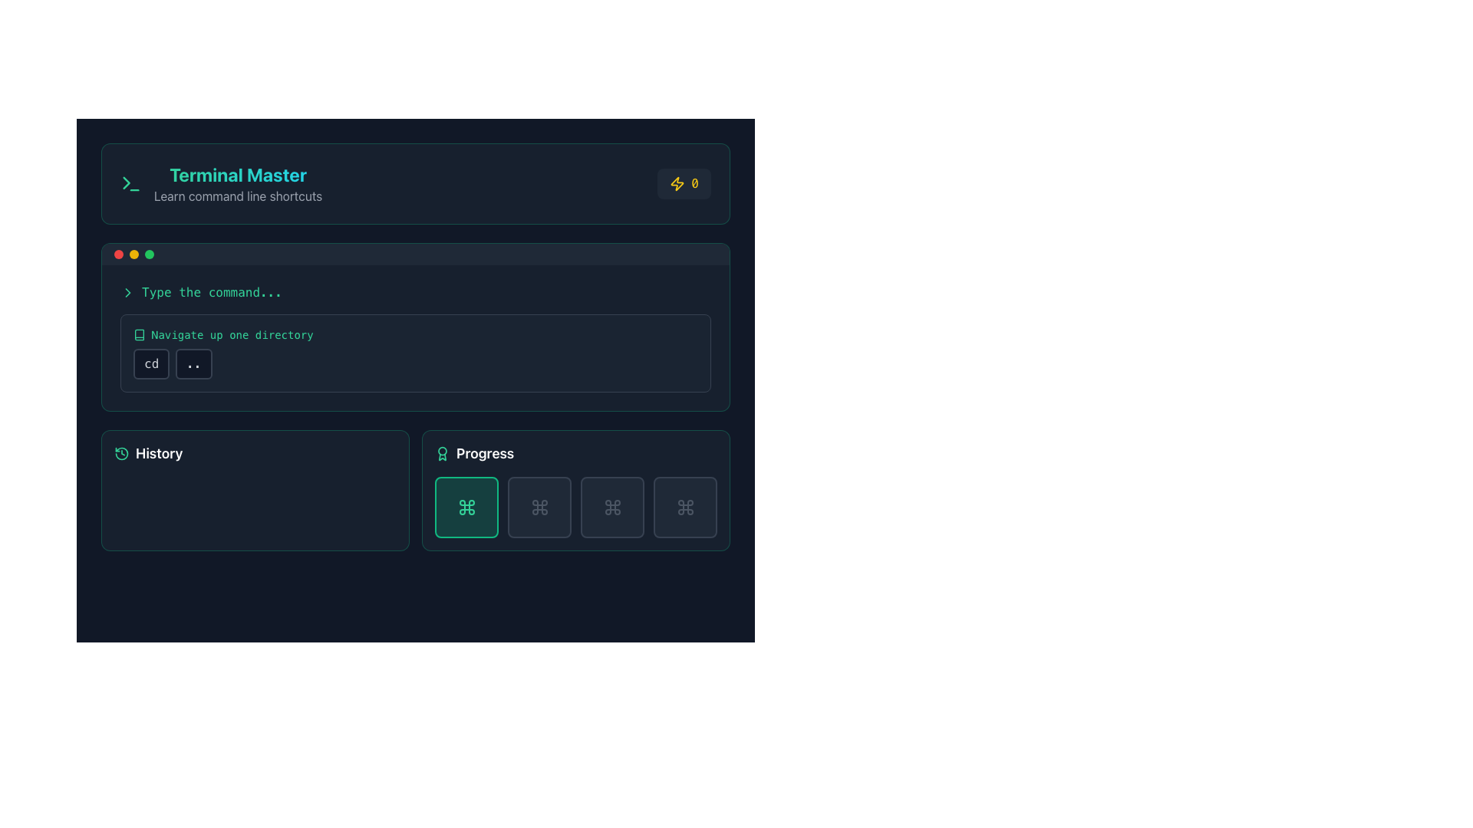 Image resolution: width=1473 pixels, height=828 pixels. What do you see at coordinates (237, 173) in the screenshot?
I see `the 'Terminal Master' text label, which is styled in a gradient color from emerald green to cyan and is positioned at the top-left of the interface` at bounding box center [237, 173].